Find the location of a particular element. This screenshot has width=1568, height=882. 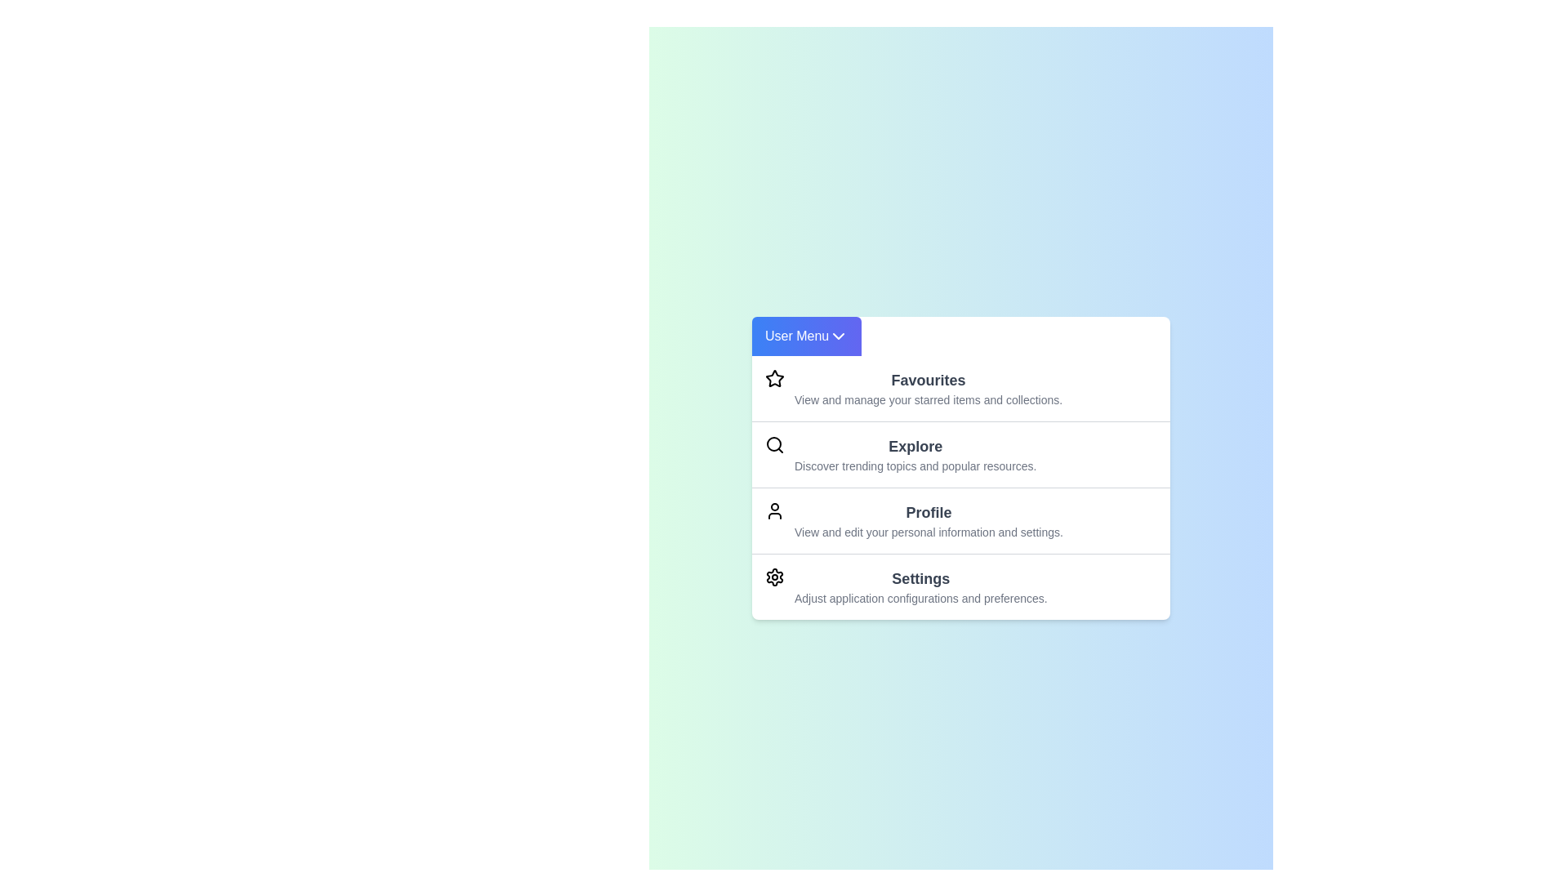

the User Menu button to toggle the menu visibility is located at coordinates (807, 335).